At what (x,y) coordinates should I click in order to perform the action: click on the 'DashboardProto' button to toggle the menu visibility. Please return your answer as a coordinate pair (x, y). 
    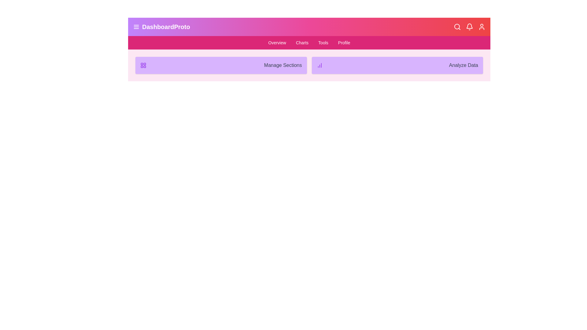
    Looking at the image, I should click on (161, 27).